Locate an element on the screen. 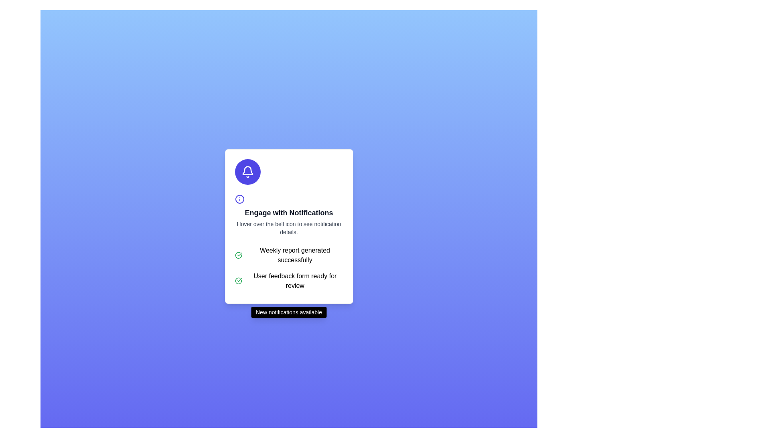  the informational icon located in the center of the card, directly above the title 'Engage with Notifications' is located at coordinates (239, 199).